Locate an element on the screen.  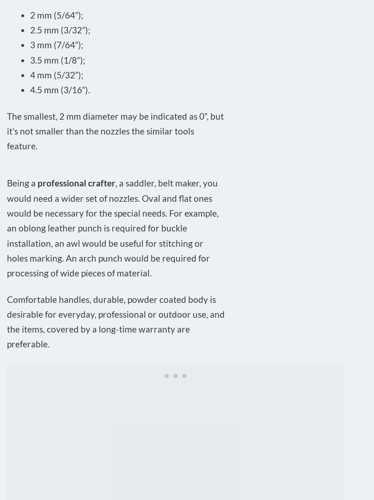
'The smallest, 2 mm diameter may be indicated as 0”, but it’s not smaller than the nozzles the similar tools feature.' is located at coordinates (115, 131).